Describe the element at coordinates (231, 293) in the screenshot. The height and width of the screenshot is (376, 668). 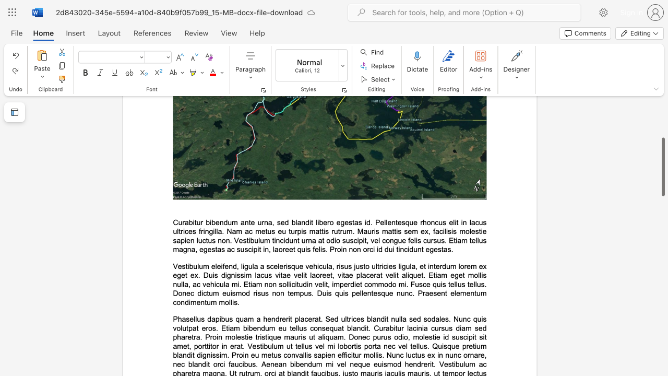
I see `the subset text "smod ri" within the text "Vestibulum eleifend, ligula a scelerisque vehicula, risus justo ultricies ligula, et interdum lorem ex eget ex. Duis dignissim lacus vitae velit laoreet, vitae placerat velit aliquet. Etiam eget mollis nulla, ac vehicula mi. Etiam non sollicitudin velit, imperdiet commodo mi. Fusce quis tellus tellus. Donec dictum euismod risus non tempus. Duis quis pellentesque nunc. Praesent elementum condimentum mollis."` at that location.